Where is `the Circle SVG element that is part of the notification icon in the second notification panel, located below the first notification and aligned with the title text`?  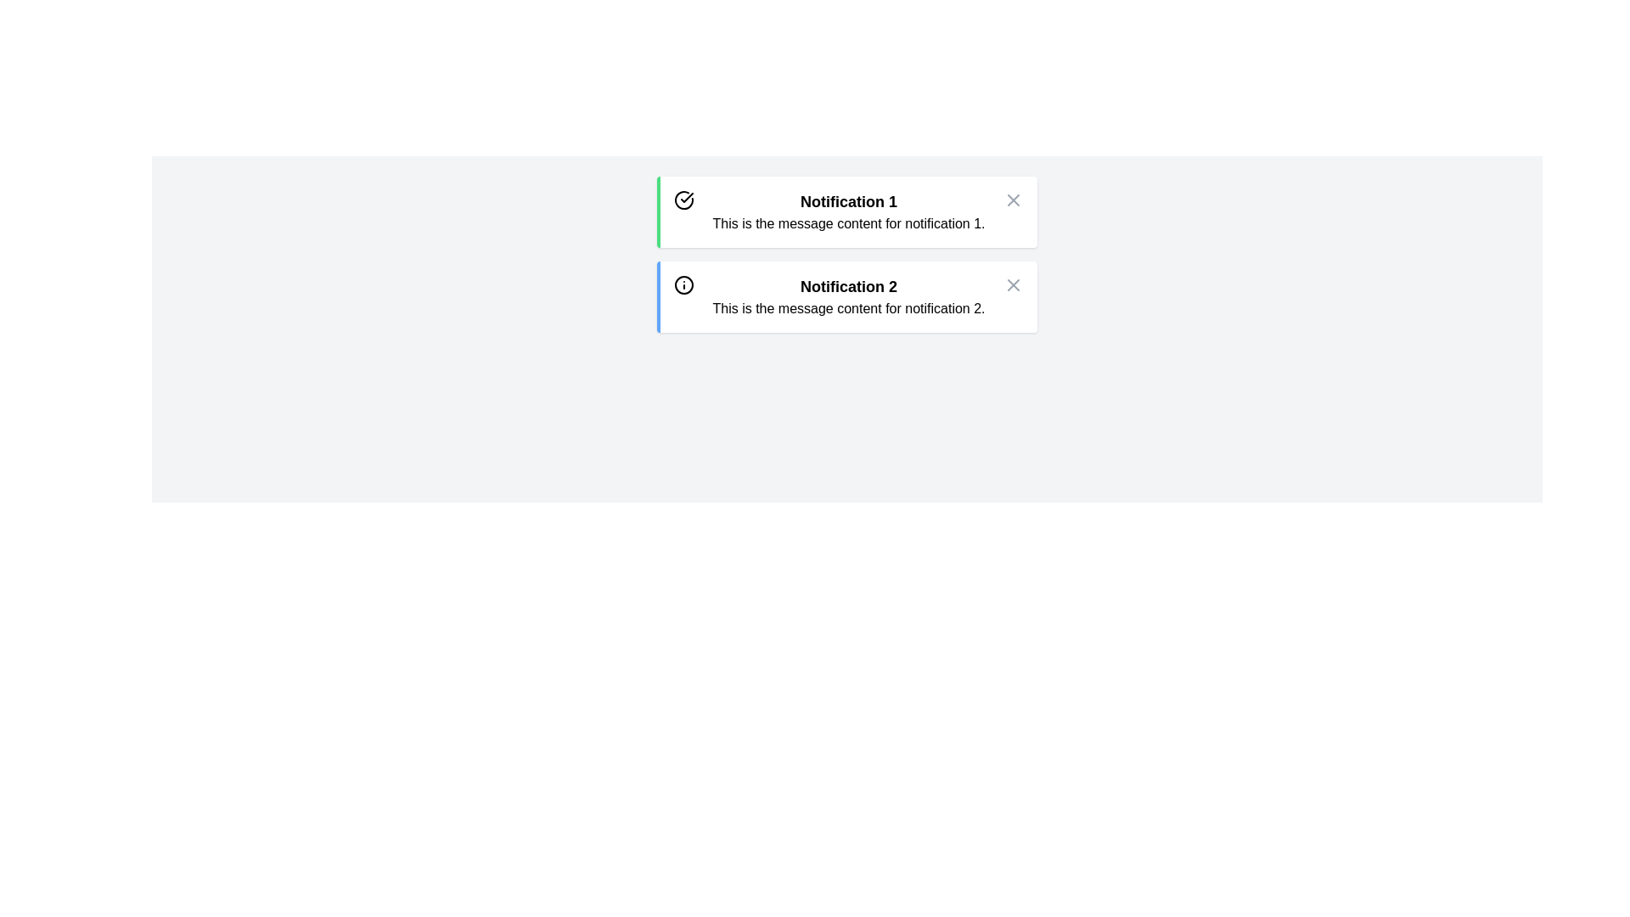 the Circle SVG element that is part of the notification icon in the second notification panel, located below the first notification and aligned with the title text is located at coordinates (684, 284).